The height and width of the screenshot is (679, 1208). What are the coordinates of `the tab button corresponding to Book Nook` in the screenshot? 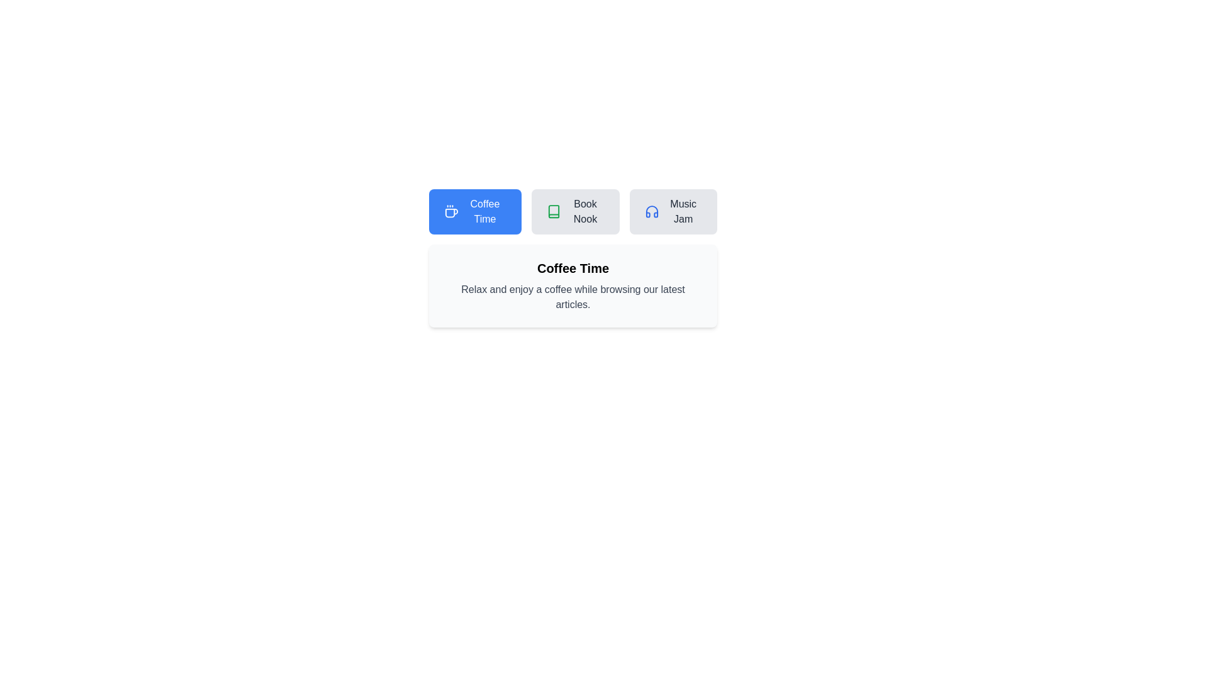 It's located at (575, 211).